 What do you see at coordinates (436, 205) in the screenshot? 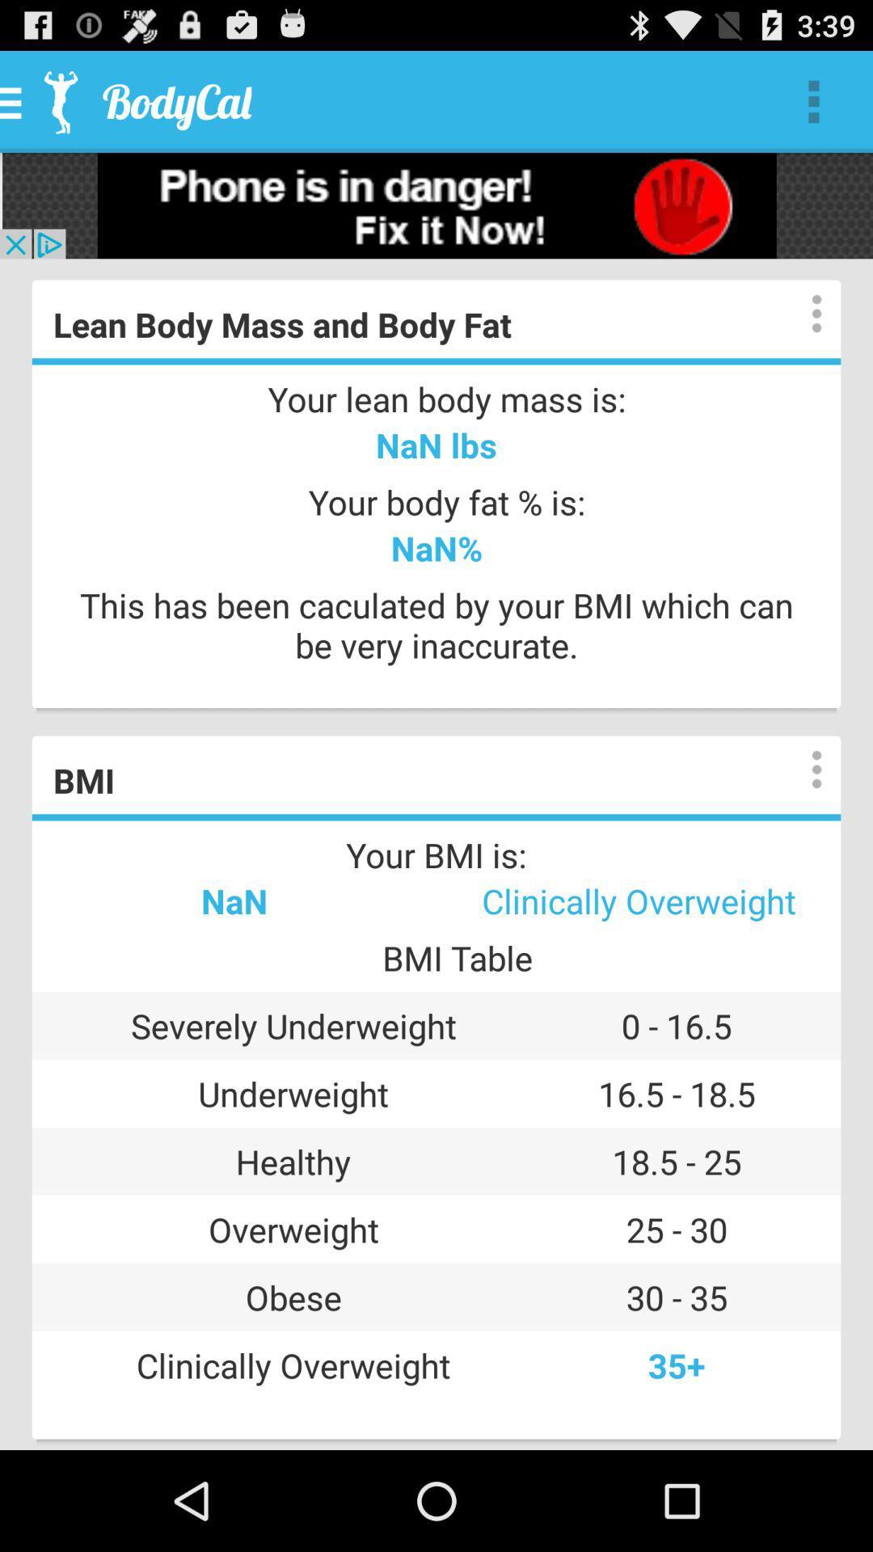
I see `banner advertisement` at bounding box center [436, 205].